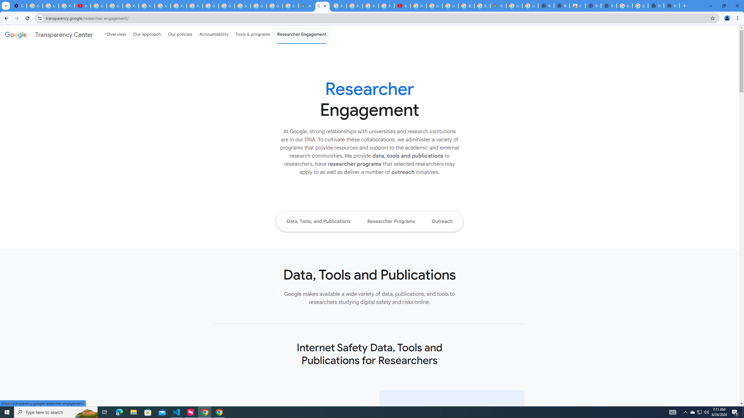 The height and width of the screenshot is (418, 744). Describe the element at coordinates (318, 221) in the screenshot. I see `'Data, Tools, and Publications'` at that location.